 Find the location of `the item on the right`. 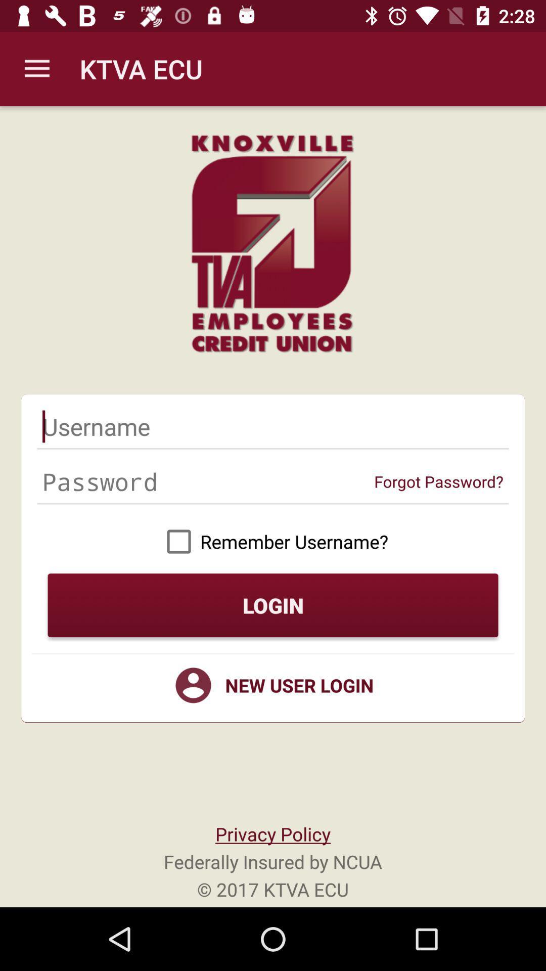

the item on the right is located at coordinates (438, 481).